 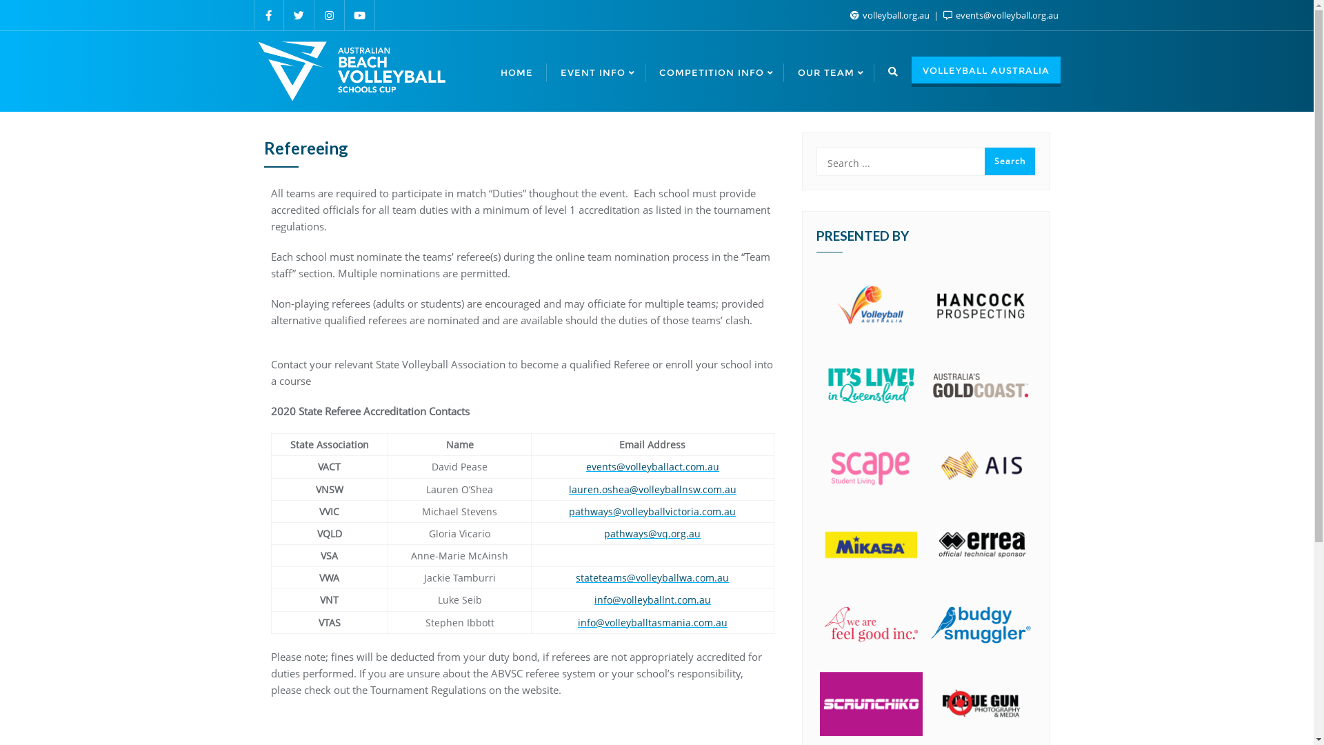 I want to click on 'COMPETITION INFO', so click(x=714, y=71).